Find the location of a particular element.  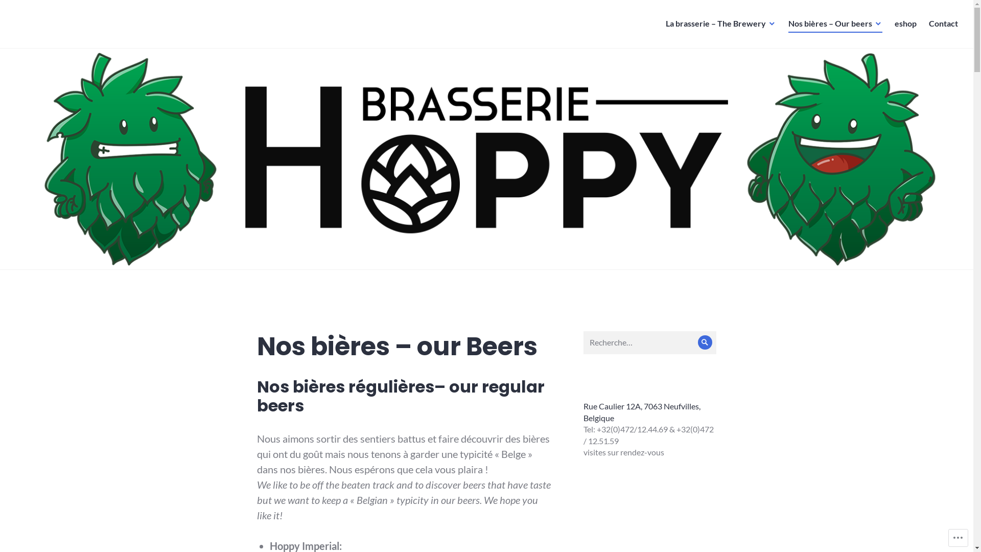

'eshop' is located at coordinates (905, 23).